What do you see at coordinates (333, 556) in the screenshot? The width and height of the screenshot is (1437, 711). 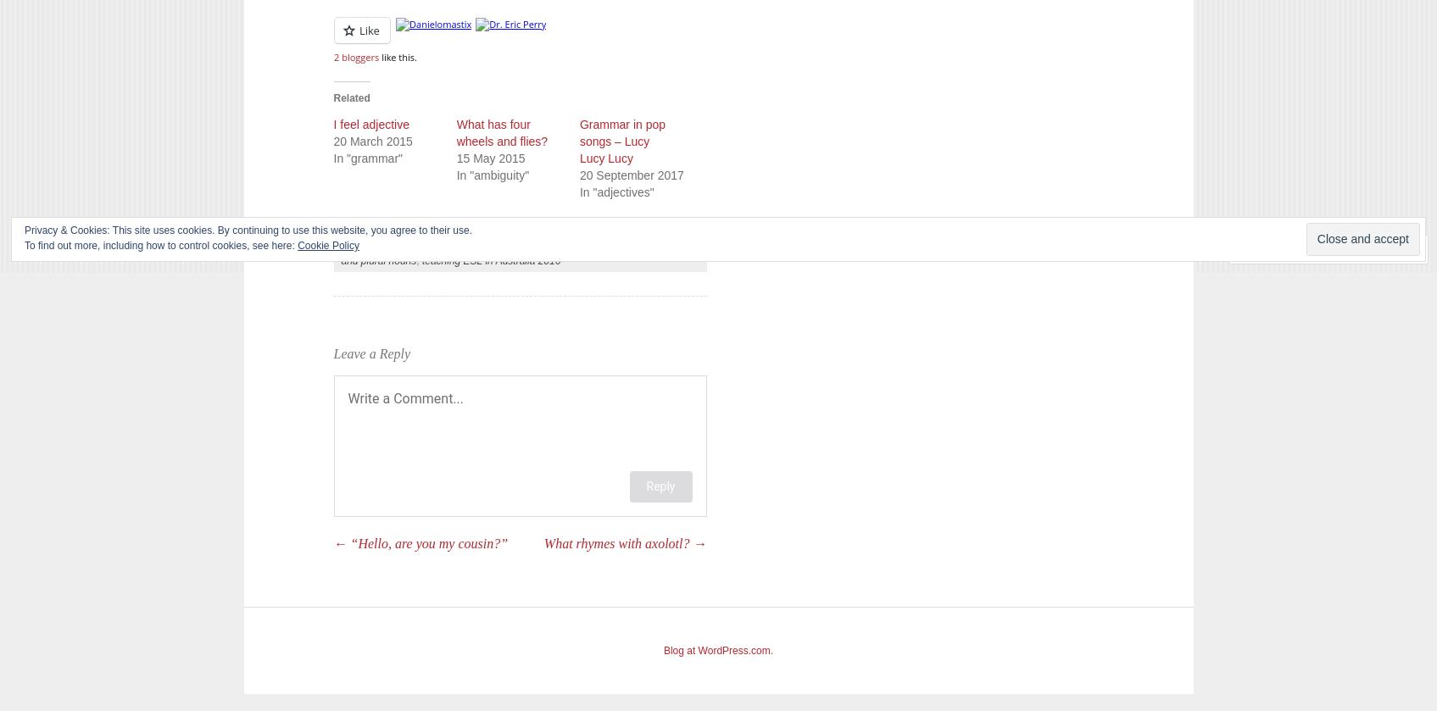 I see `'Post navigation'` at bounding box center [333, 556].